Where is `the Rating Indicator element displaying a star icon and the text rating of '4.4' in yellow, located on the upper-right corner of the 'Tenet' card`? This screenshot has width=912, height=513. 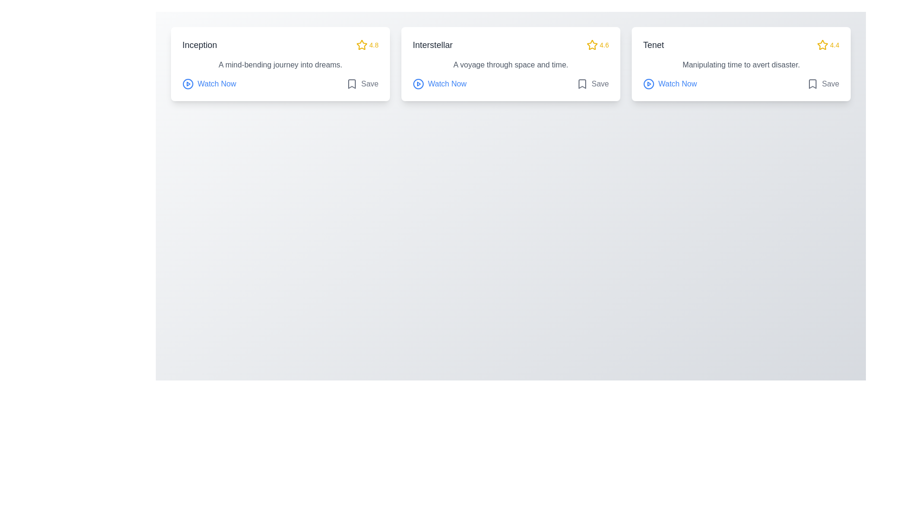
the Rating Indicator element displaying a star icon and the text rating of '4.4' in yellow, located on the upper-right corner of the 'Tenet' card is located at coordinates (827, 45).